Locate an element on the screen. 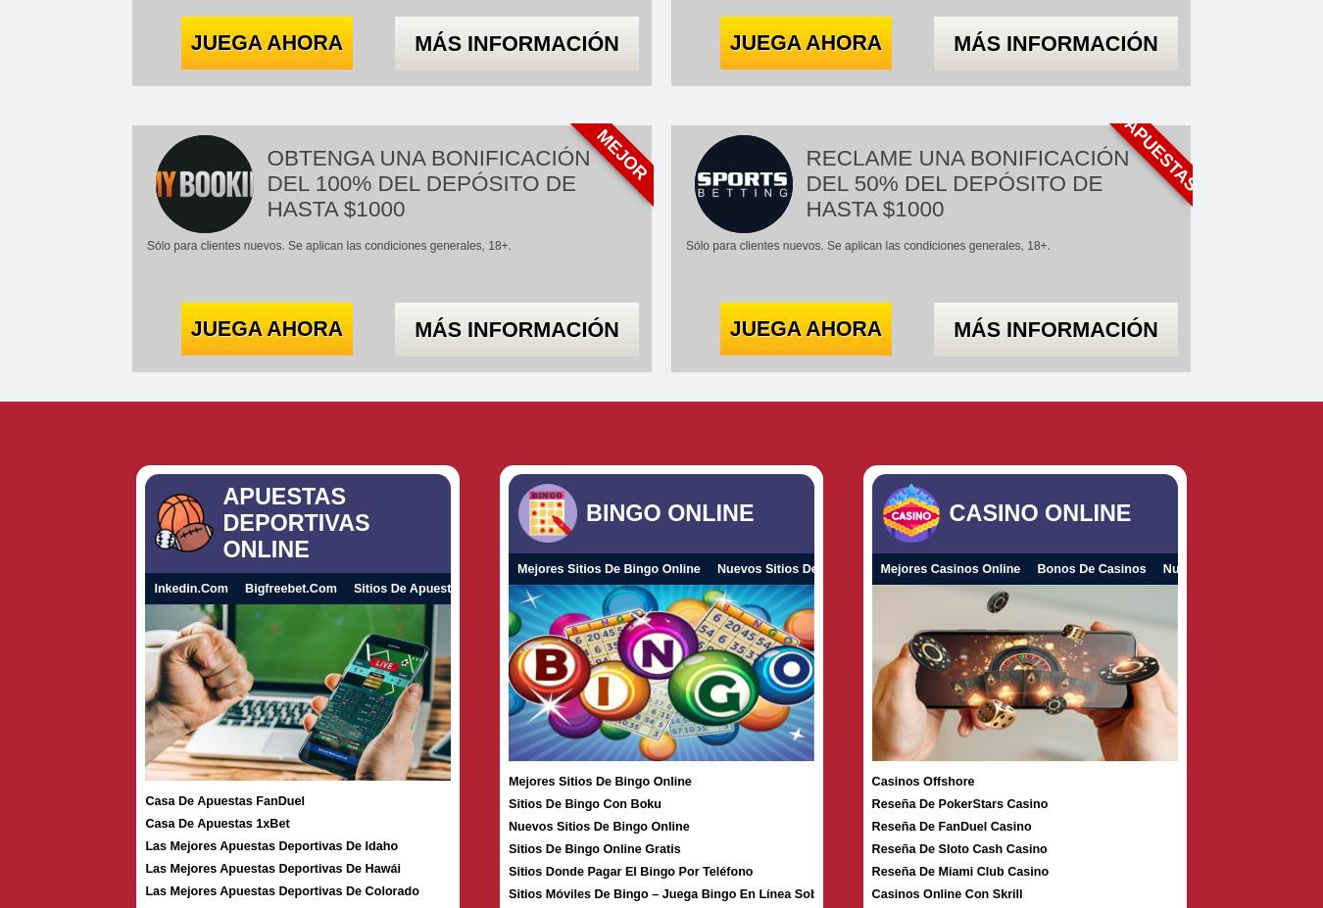 This screenshot has height=908, width=1323. 'Reseña De Sloto Cash Casino' is located at coordinates (957, 848).